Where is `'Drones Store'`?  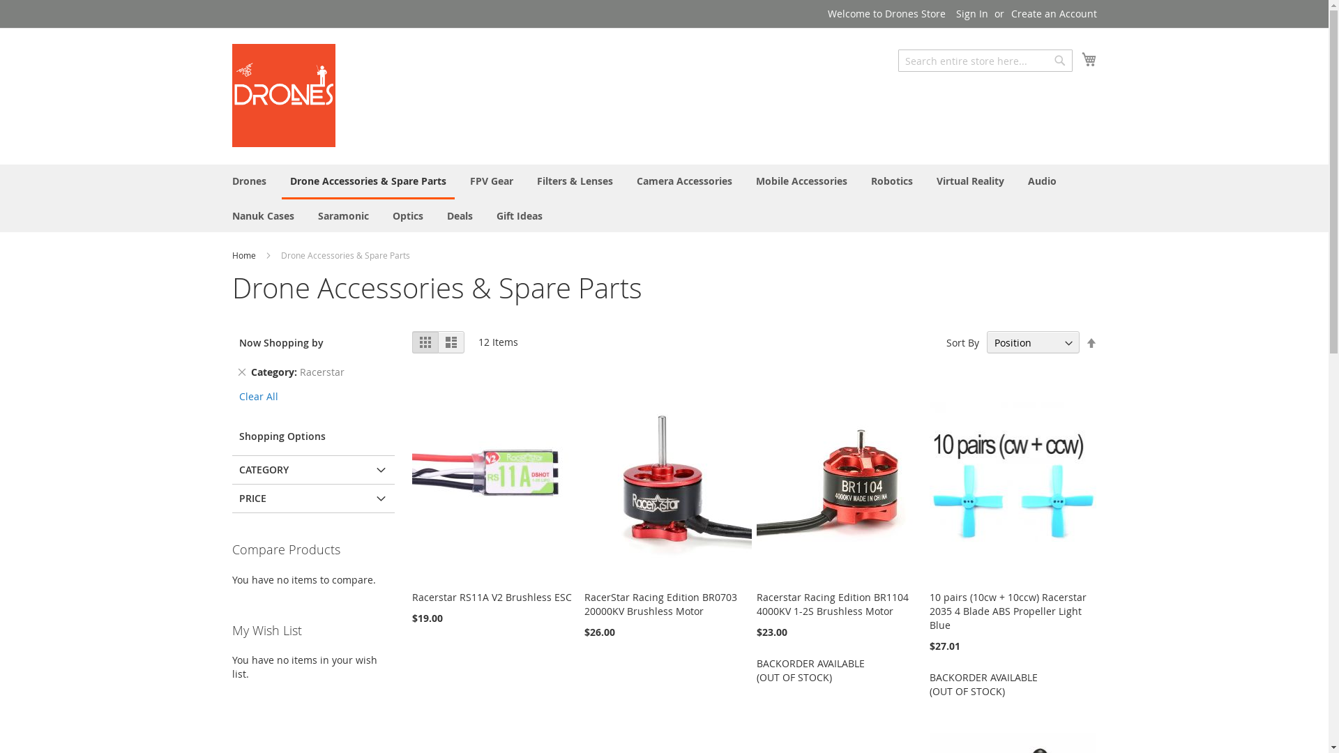
'Drones Store' is located at coordinates (282, 95).